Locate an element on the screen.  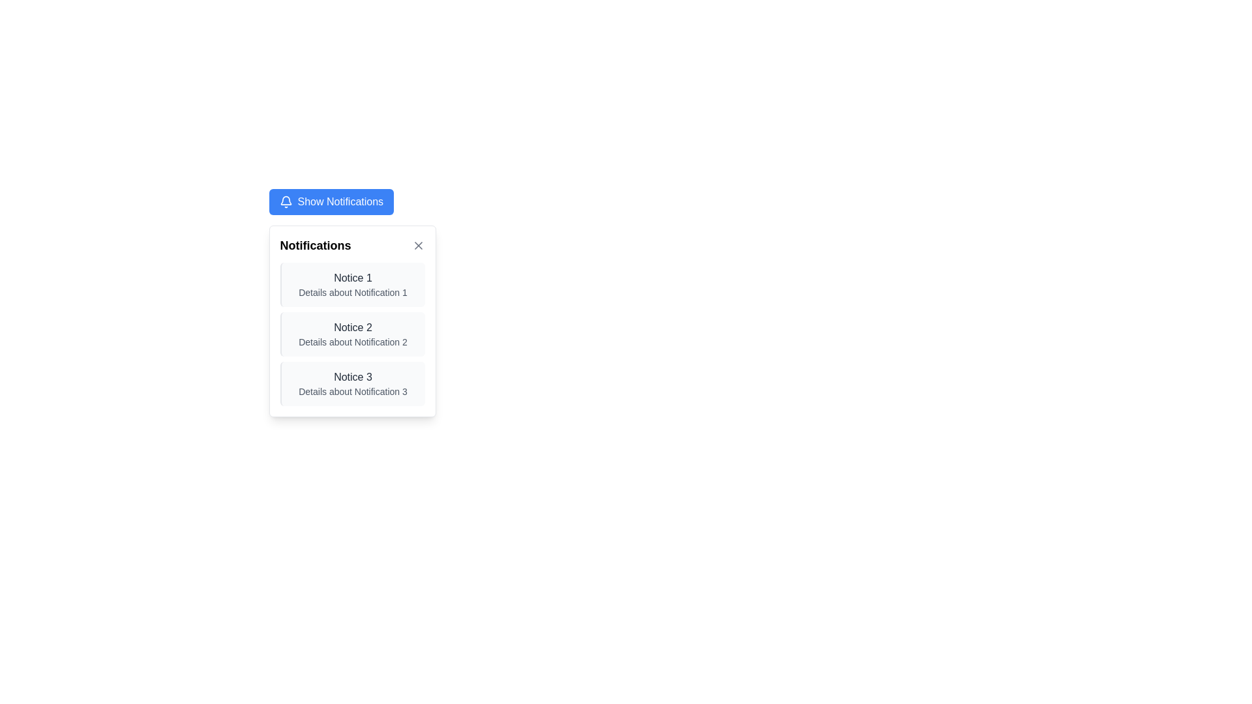
the text element displaying 'Details about Notification 1', which is styled in gray and located below the primary heading 'Notice 1' in the notifications box is located at coordinates (353, 291).